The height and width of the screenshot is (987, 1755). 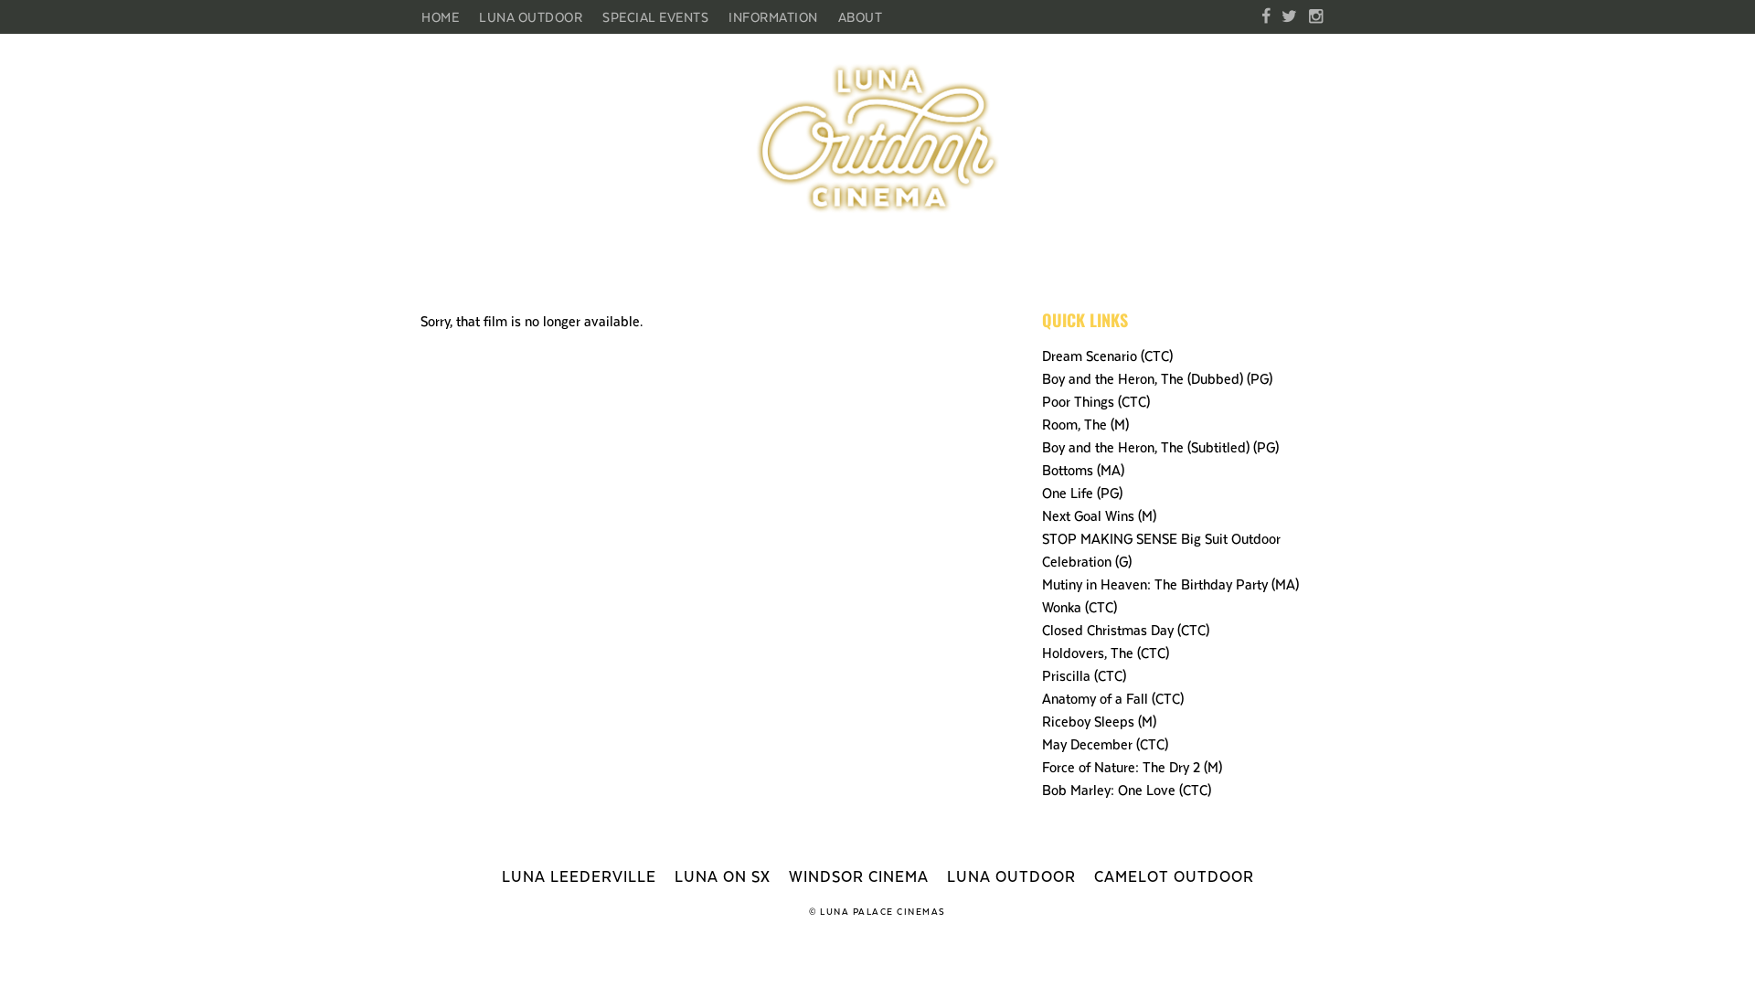 What do you see at coordinates (1042, 788) in the screenshot?
I see `'Bob Marley: One Love'` at bounding box center [1042, 788].